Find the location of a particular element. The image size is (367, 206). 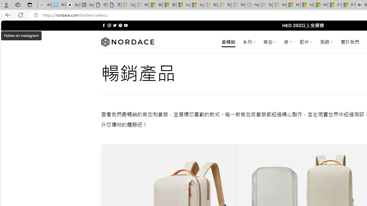

'Marine life - MSN - Sleeping' is located at coordinates (280, 5).